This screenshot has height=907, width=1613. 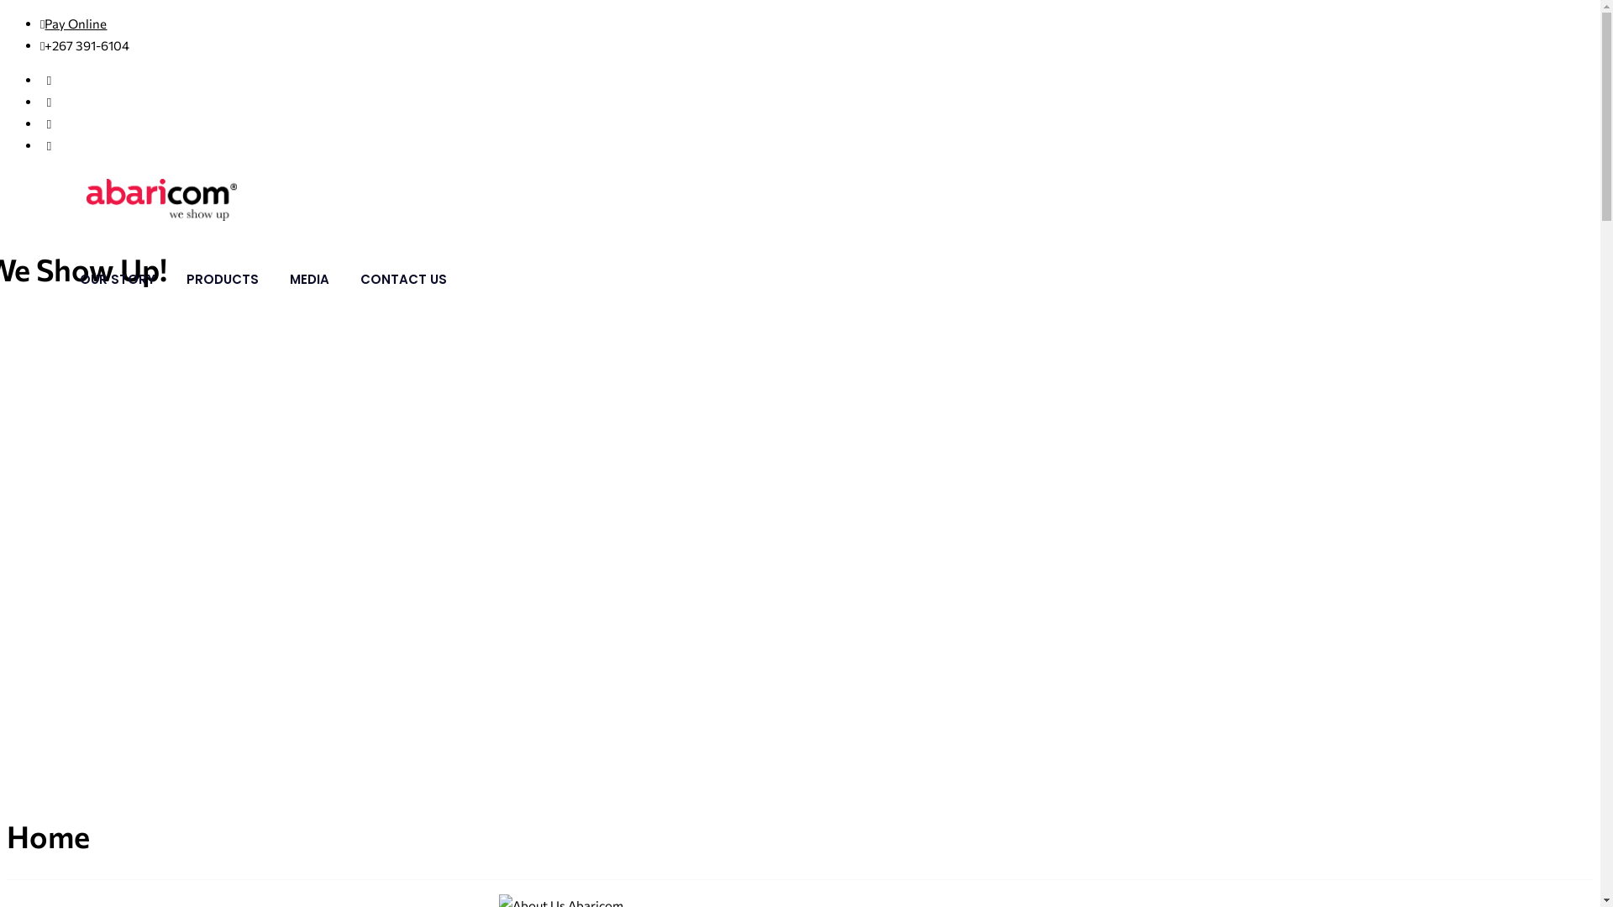 What do you see at coordinates (221, 278) in the screenshot?
I see `'PRODUCTS'` at bounding box center [221, 278].